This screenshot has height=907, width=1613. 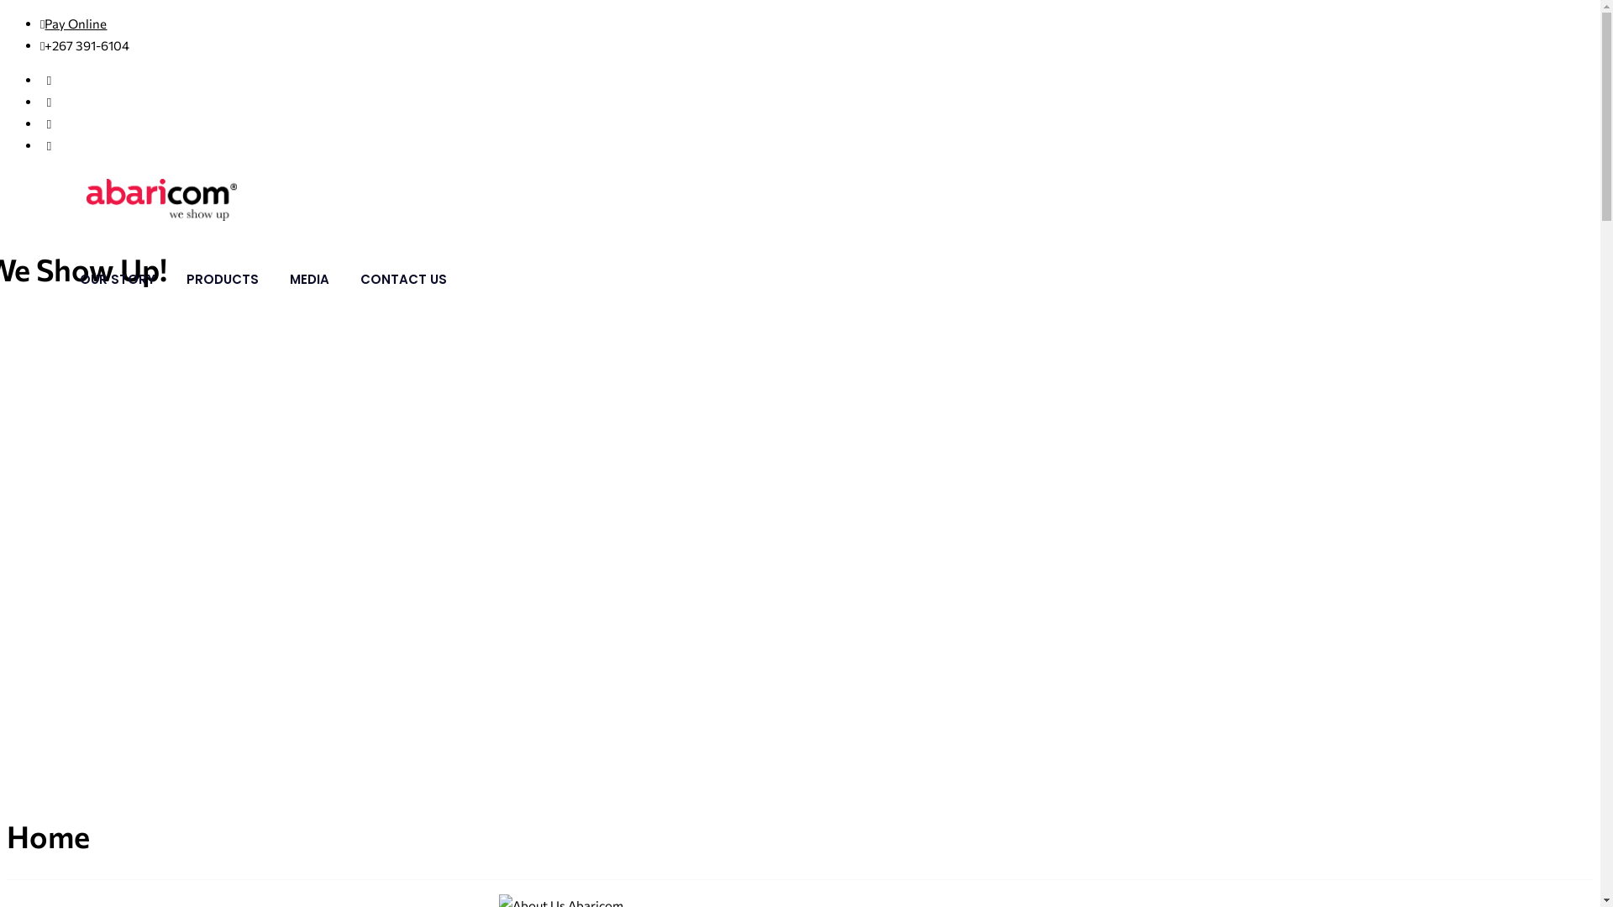 What do you see at coordinates (221, 278) in the screenshot?
I see `'PRODUCTS'` at bounding box center [221, 278].